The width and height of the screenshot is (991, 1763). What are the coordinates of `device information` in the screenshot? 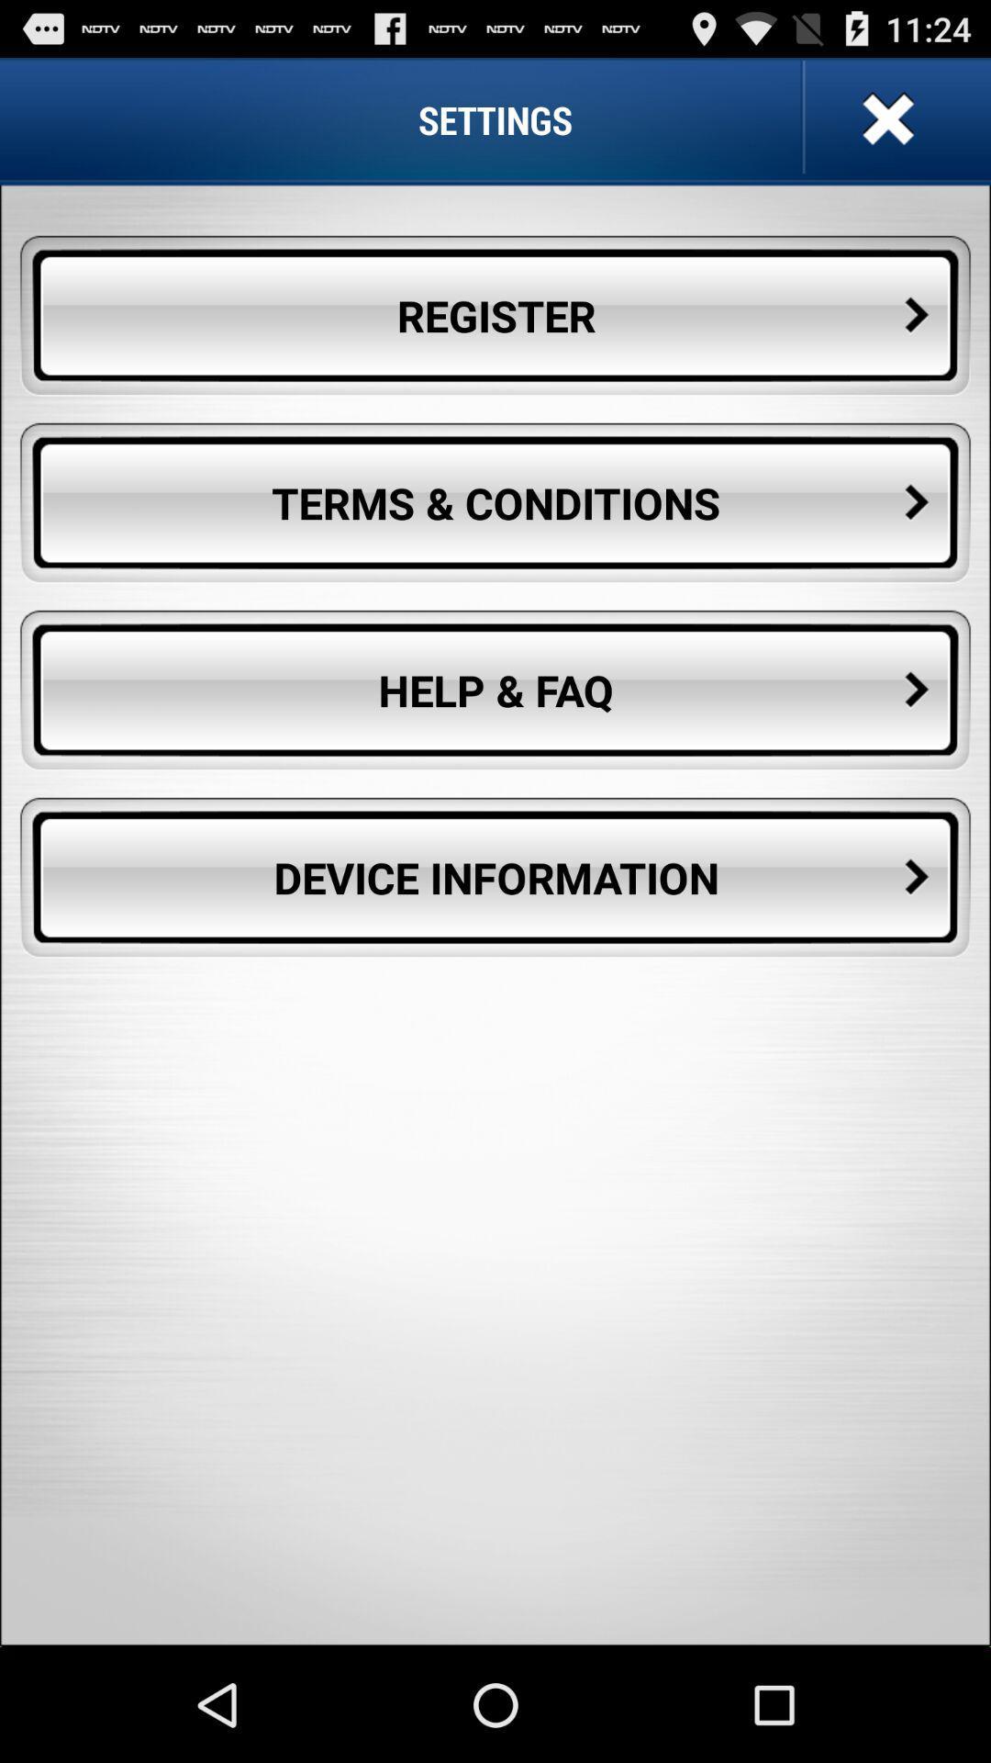 It's located at (495, 877).